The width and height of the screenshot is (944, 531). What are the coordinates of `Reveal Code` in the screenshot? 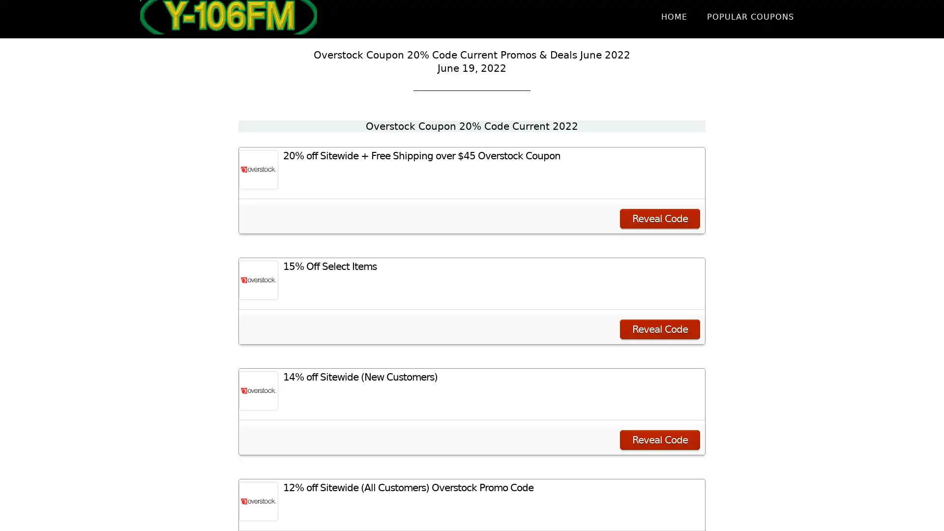 It's located at (660, 329).